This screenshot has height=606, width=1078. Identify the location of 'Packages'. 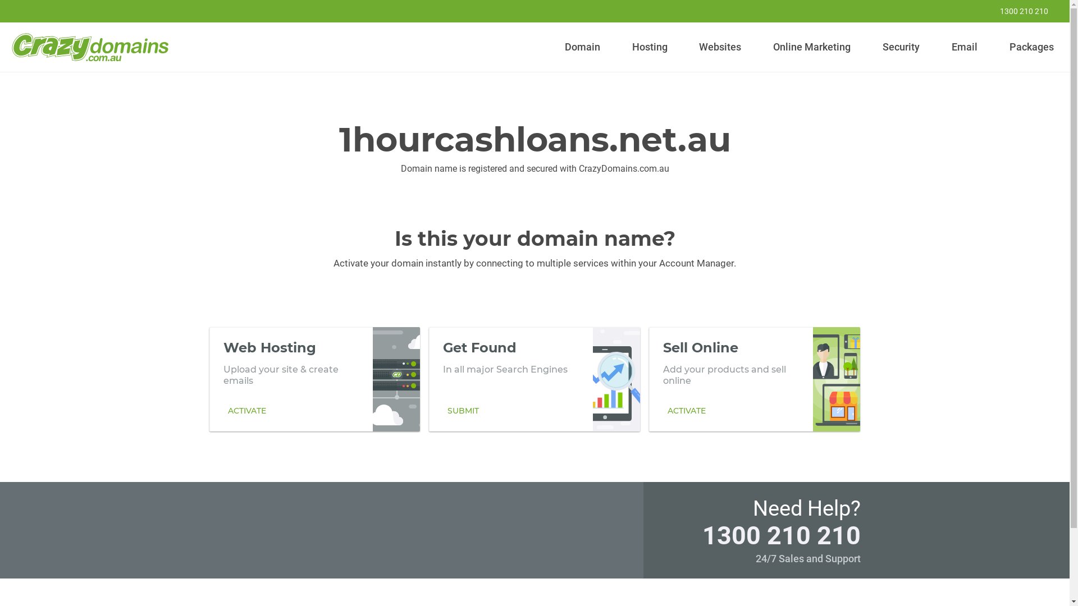
(1031, 47).